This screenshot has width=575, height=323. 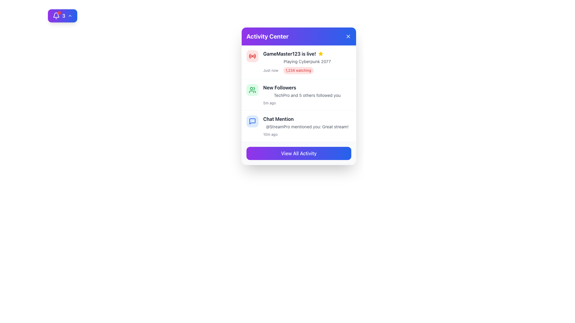 I want to click on the button at the bottom of the 'Activity Center' popup, so click(x=299, y=153).